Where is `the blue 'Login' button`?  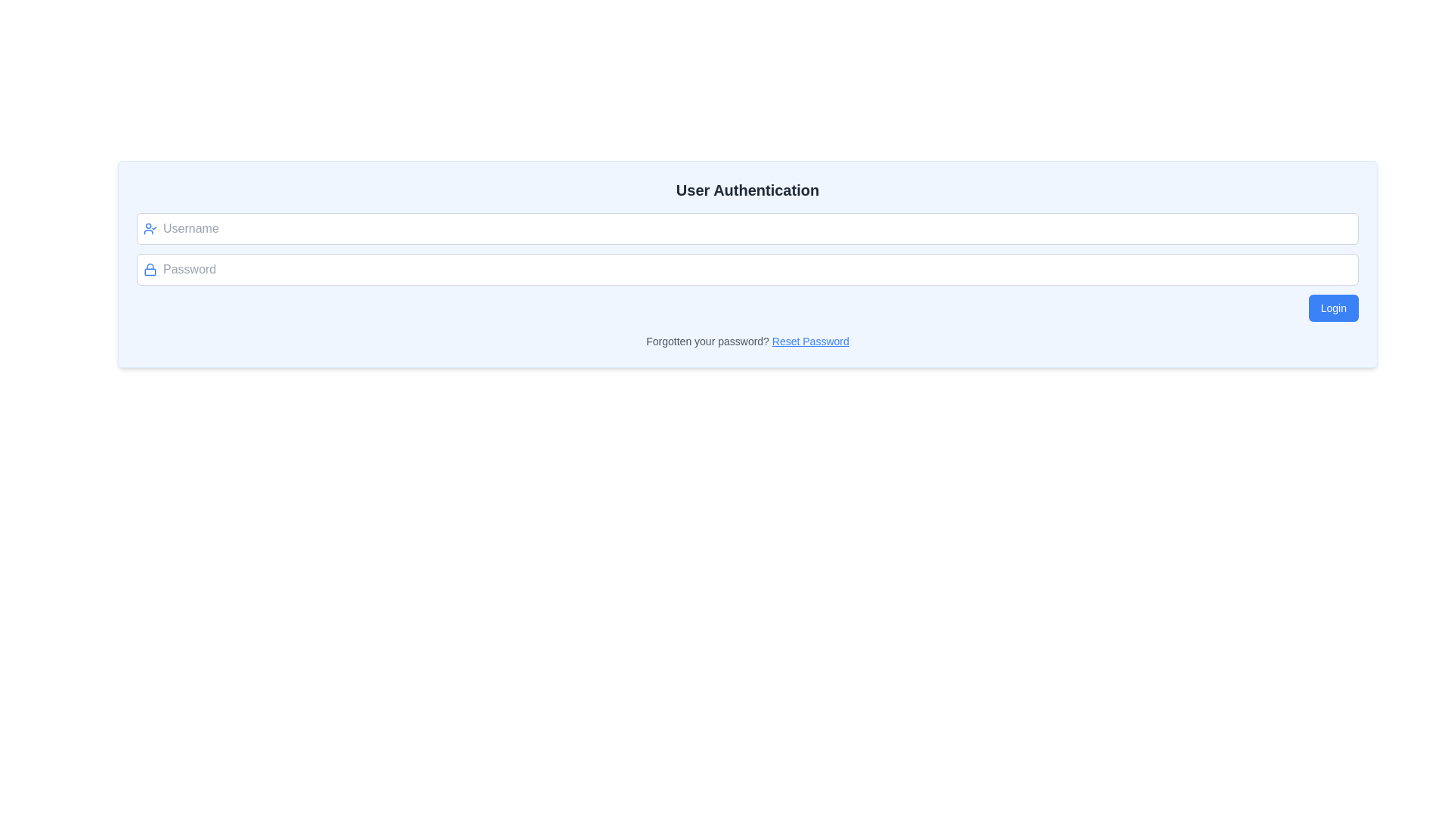
the blue 'Login' button is located at coordinates (1333, 308).